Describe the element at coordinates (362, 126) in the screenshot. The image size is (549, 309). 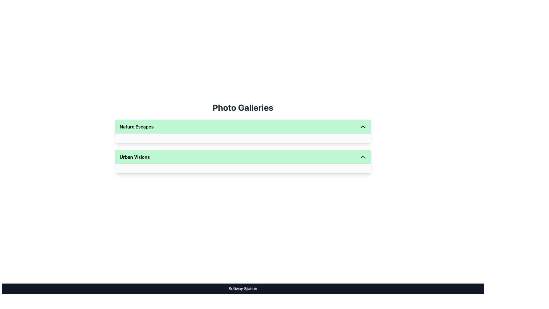
I see `the small upward-pointing chevron icon located towards the rightmost edge of the 'Nature Escapes' button` at that location.